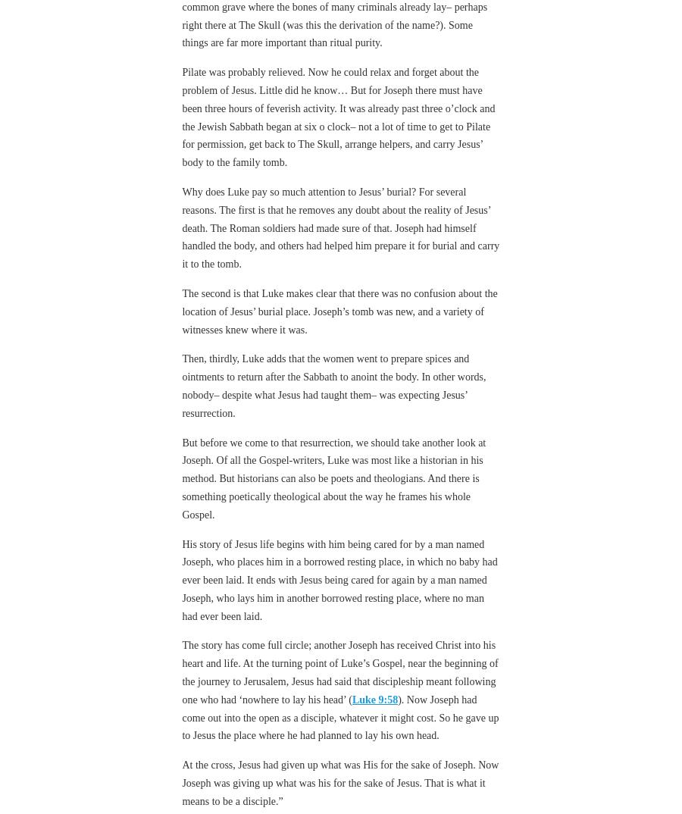 Image resolution: width=682 pixels, height=814 pixels. Describe the element at coordinates (333, 477) in the screenshot. I see `'But before we come to that resurrection, we should take another look at Joseph. Of all the Gospel-writers, Luke was most like a historian in his method. But historians can also be poets and theologians. And there is something poetically theological about the way he frames his whole Gospel.'` at that location.